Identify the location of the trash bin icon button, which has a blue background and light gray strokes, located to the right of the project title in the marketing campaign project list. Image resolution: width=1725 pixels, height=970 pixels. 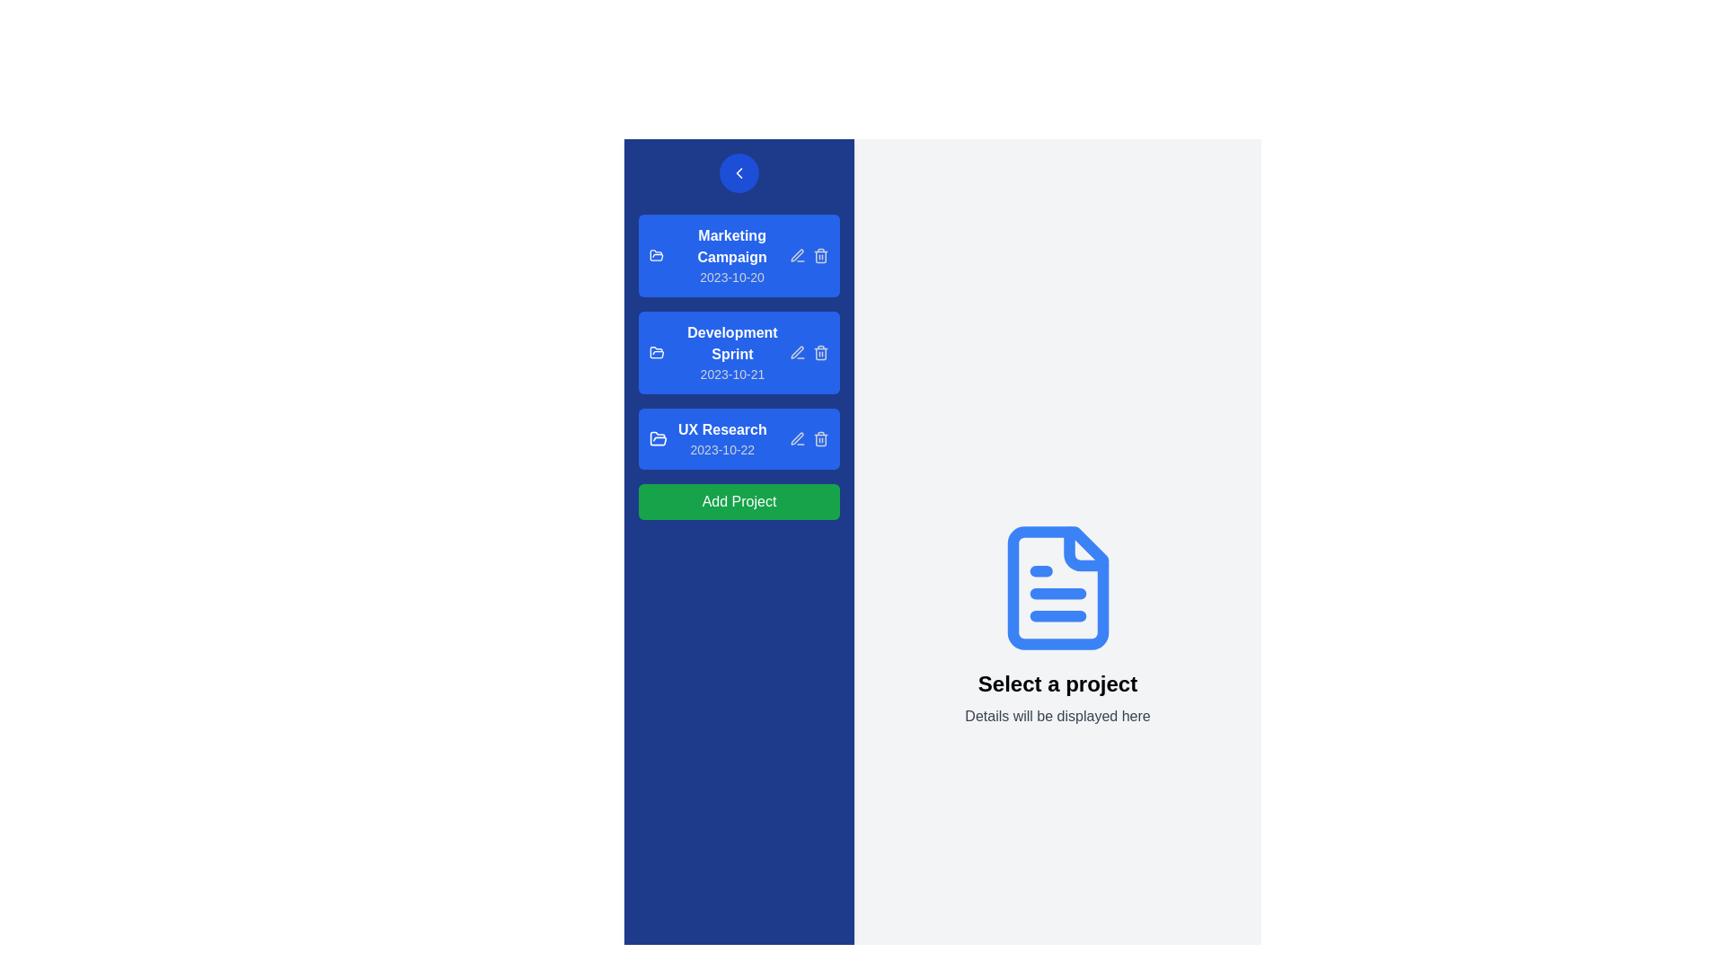
(819, 256).